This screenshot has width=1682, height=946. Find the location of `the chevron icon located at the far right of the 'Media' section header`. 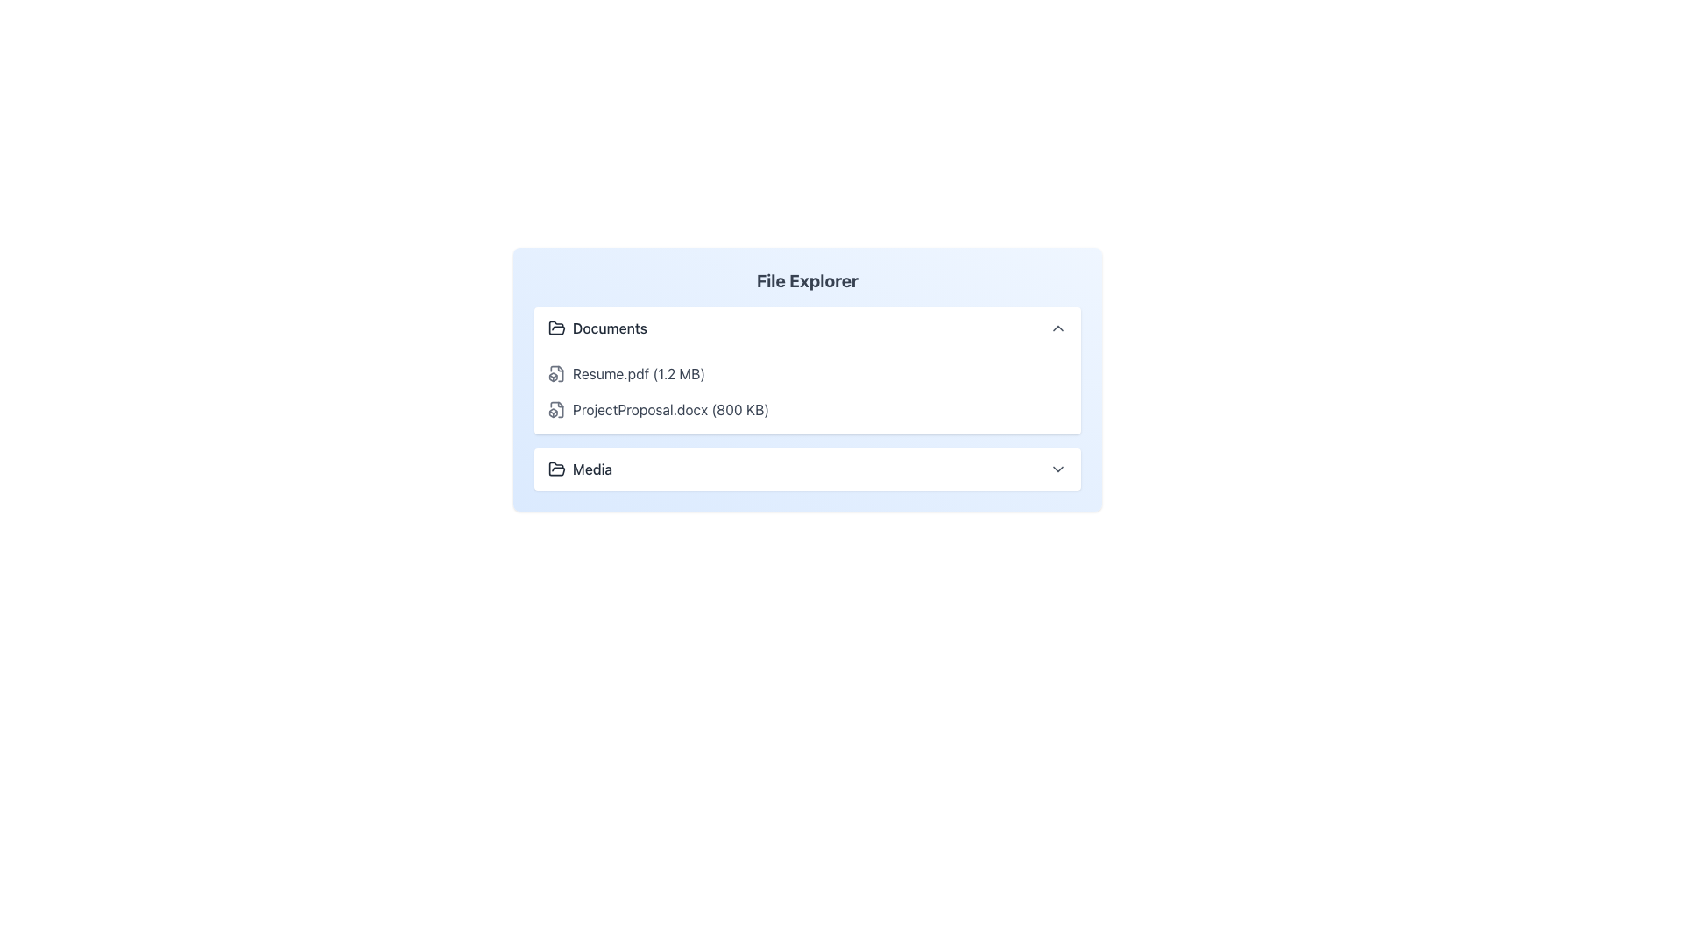

the chevron icon located at the far right of the 'Media' section header is located at coordinates (1057, 469).